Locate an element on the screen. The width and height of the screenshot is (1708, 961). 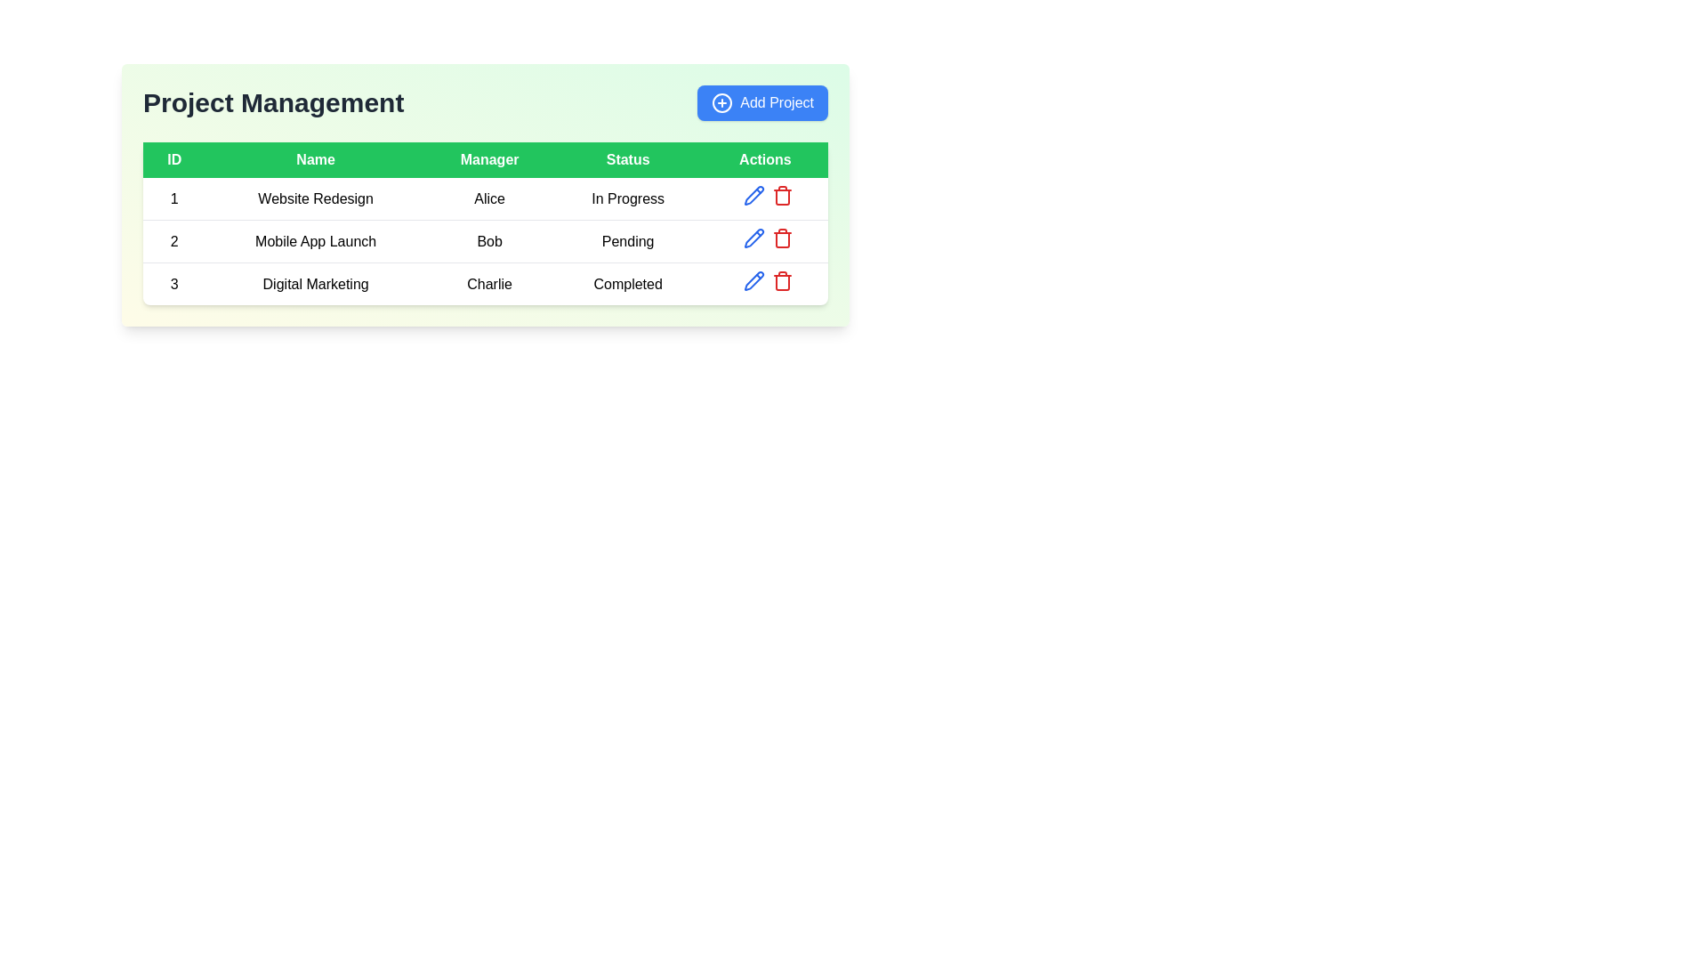
the table cell containing the text '2', located is located at coordinates (174, 241).